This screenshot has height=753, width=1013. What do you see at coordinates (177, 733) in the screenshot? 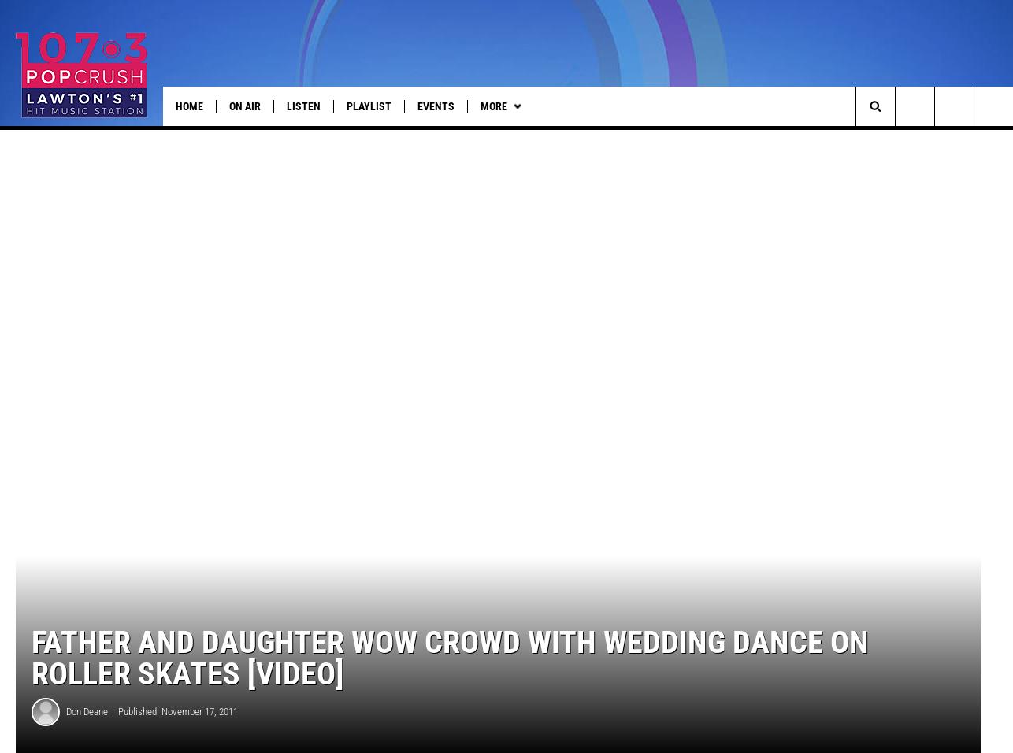
I see `'Published: November 17, 2011'` at bounding box center [177, 733].